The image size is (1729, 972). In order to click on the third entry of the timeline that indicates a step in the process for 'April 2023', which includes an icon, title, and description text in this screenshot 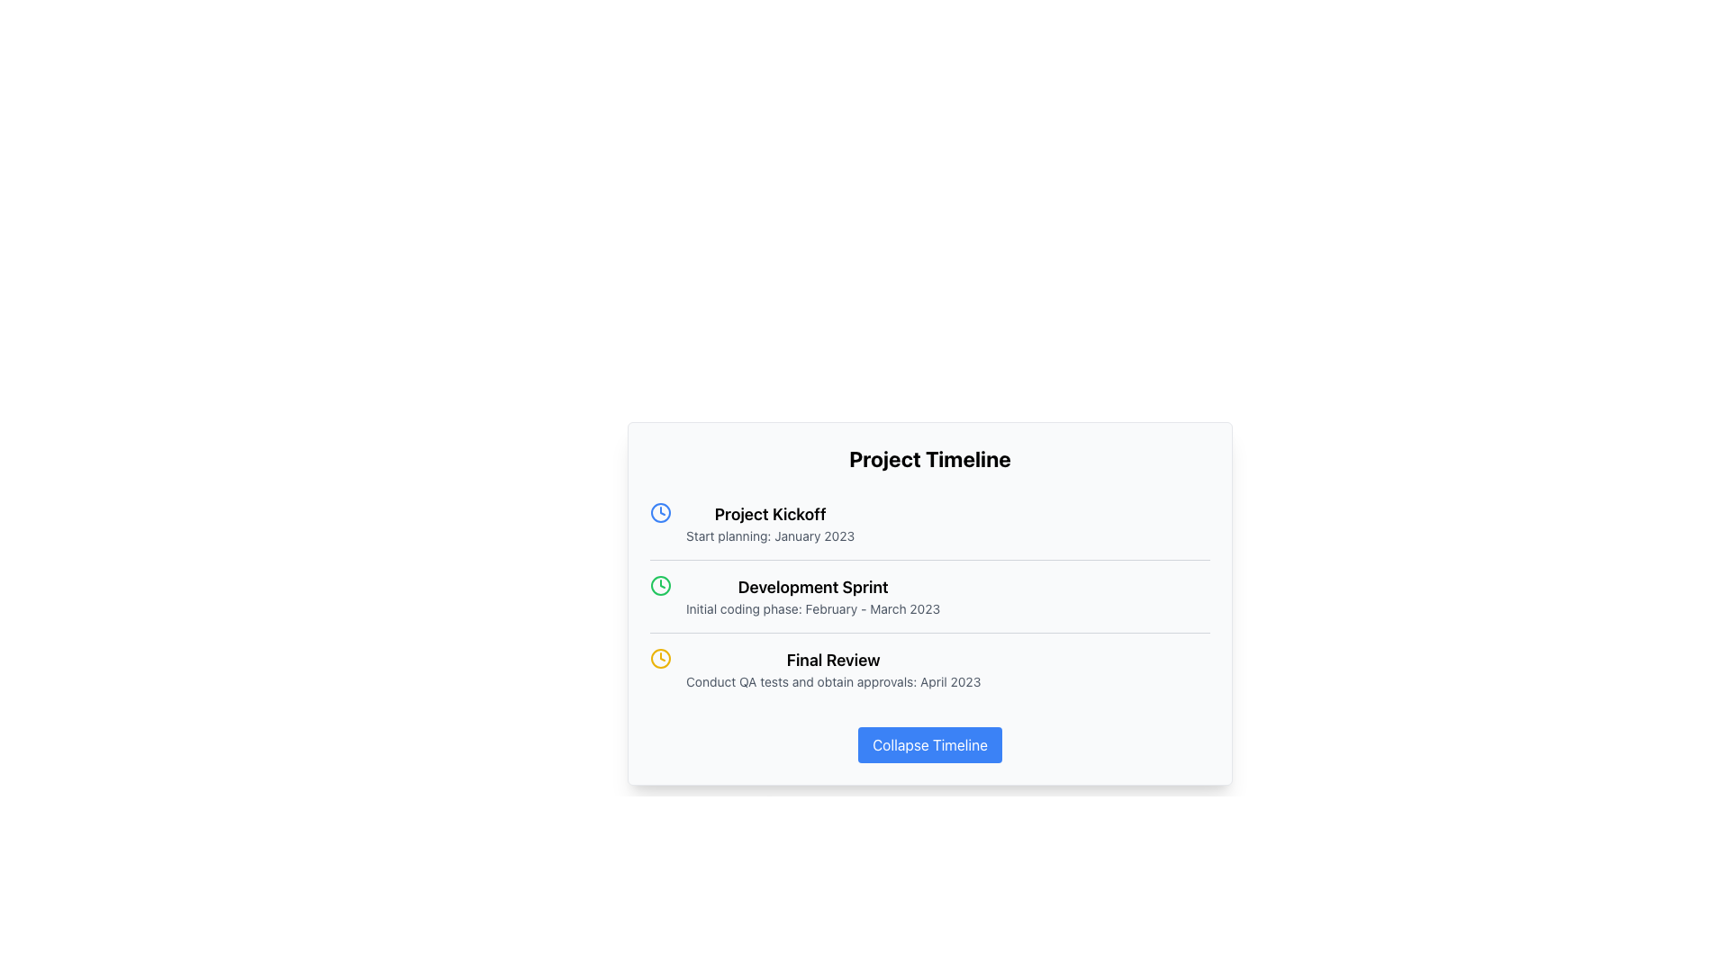, I will do `click(929, 669)`.